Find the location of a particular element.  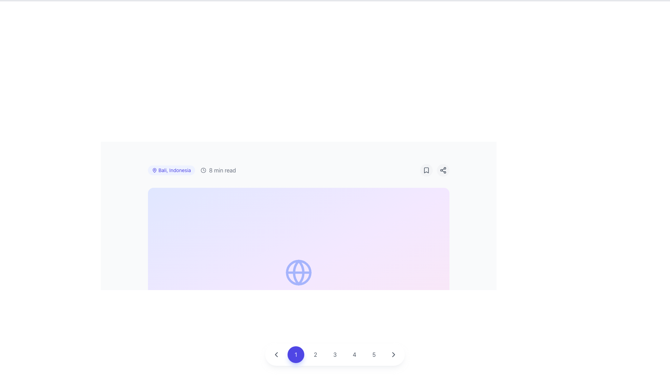

the geographical location icon adjacent to the text label 'Bali, Indonesia' is located at coordinates (154, 170).